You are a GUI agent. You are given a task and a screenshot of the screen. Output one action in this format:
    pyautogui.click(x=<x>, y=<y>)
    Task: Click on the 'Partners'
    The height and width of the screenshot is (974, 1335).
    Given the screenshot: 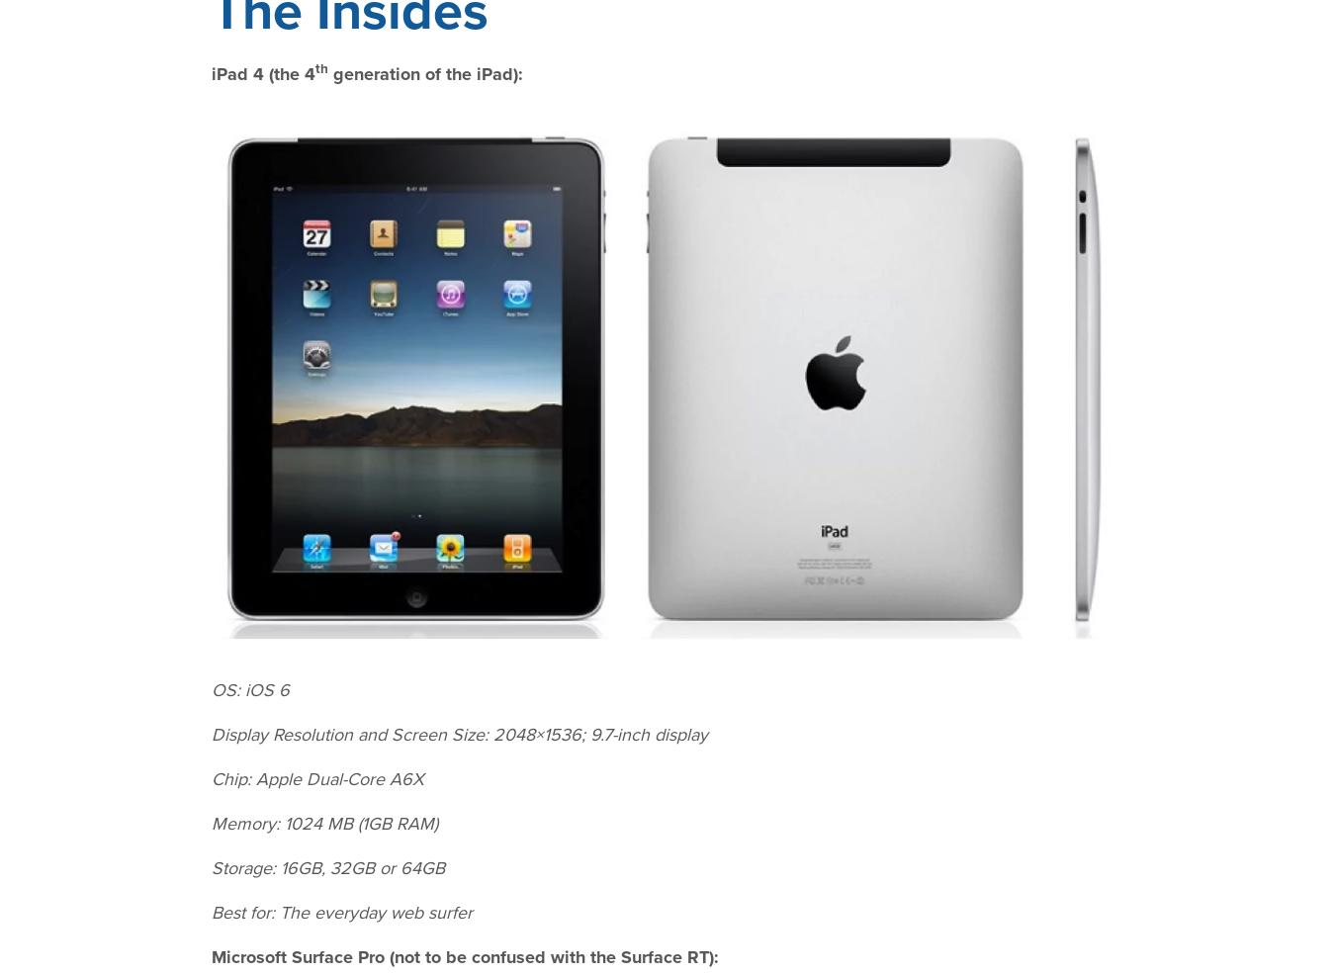 What is the action you would take?
    pyautogui.click(x=722, y=837)
    